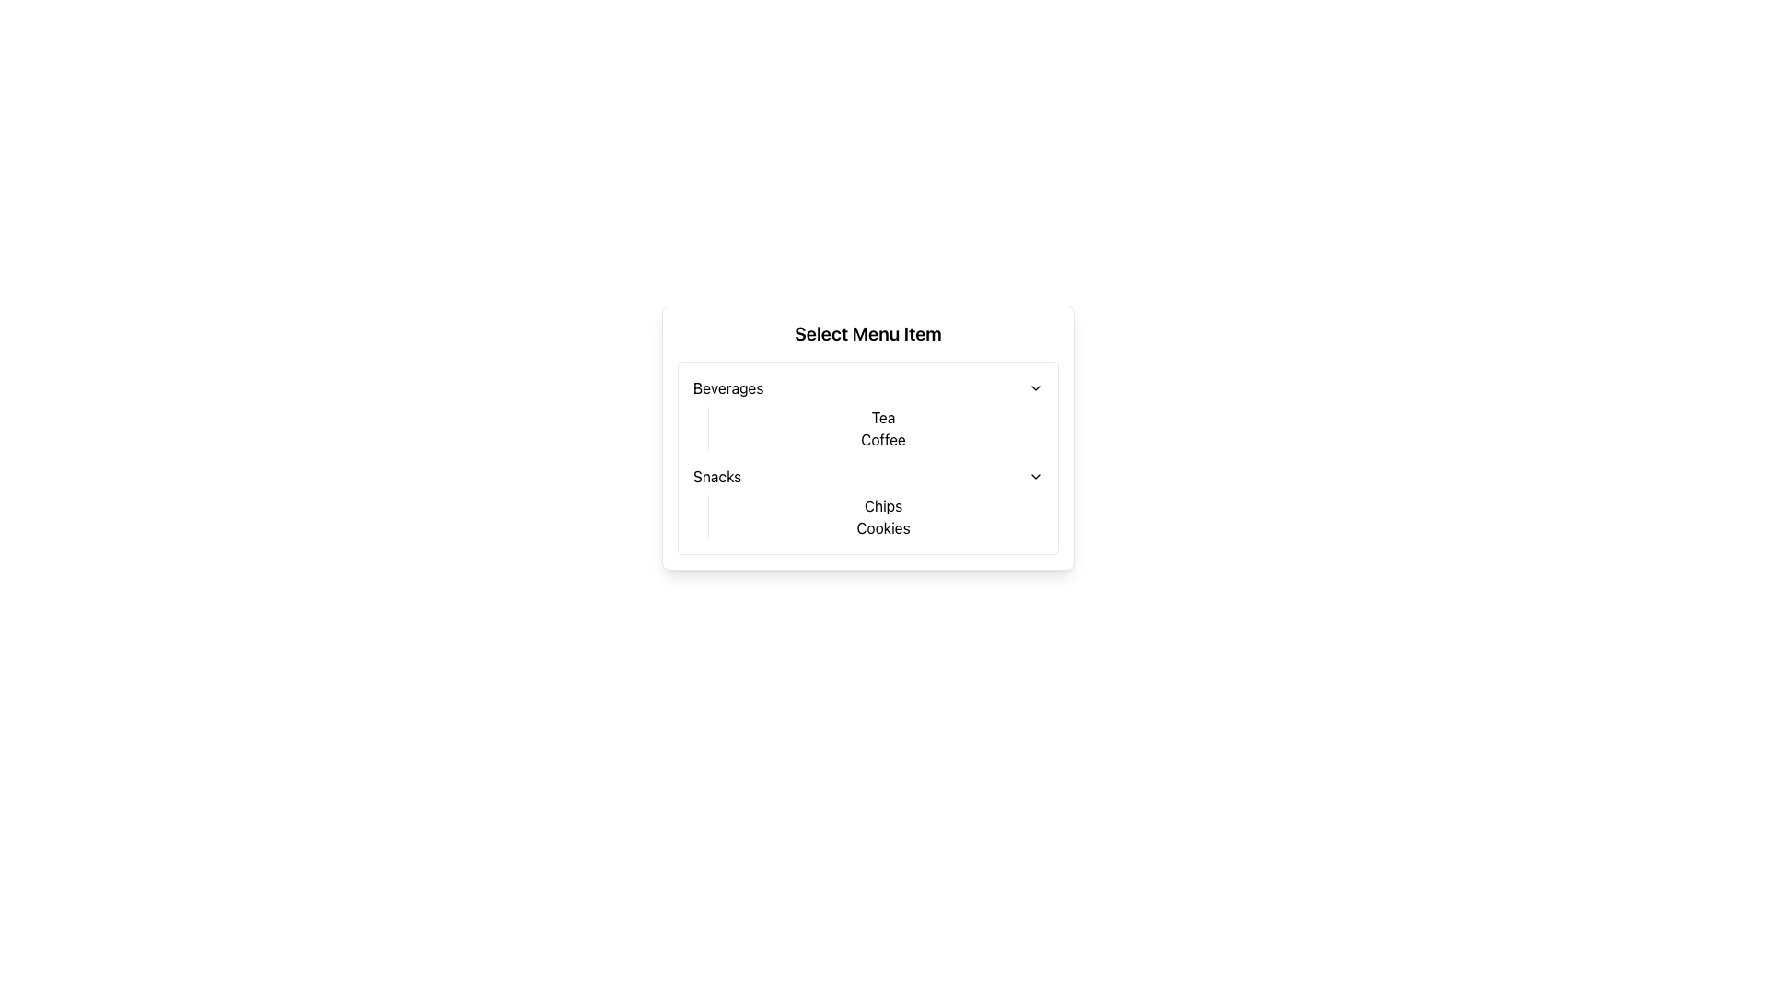 The image size is (1768, 994). Describe the element at coordinates (874, 517) in the screenshot. I see `options 'Chips' and 'Cookies' presented in the text group within the structured menu layout under the 'Snacks' header` at that location.